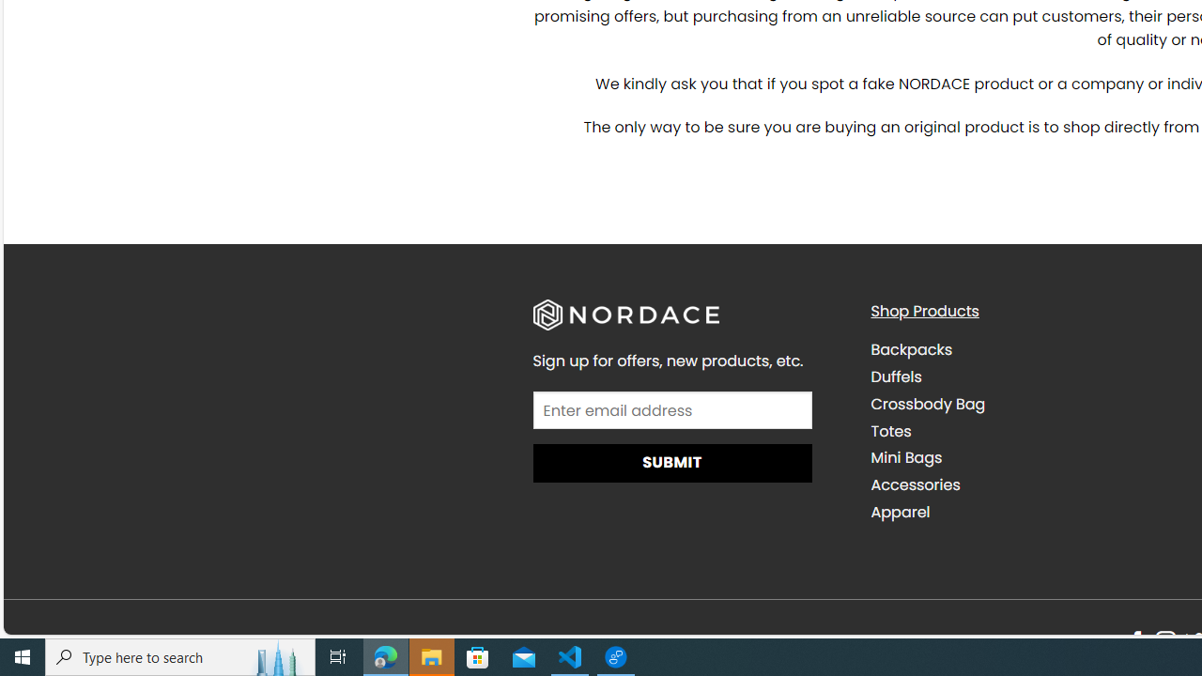  Describe the element at coordinates (672, 409) in the screenshot. I see `'AutomationID: input_4_1'` at that location.